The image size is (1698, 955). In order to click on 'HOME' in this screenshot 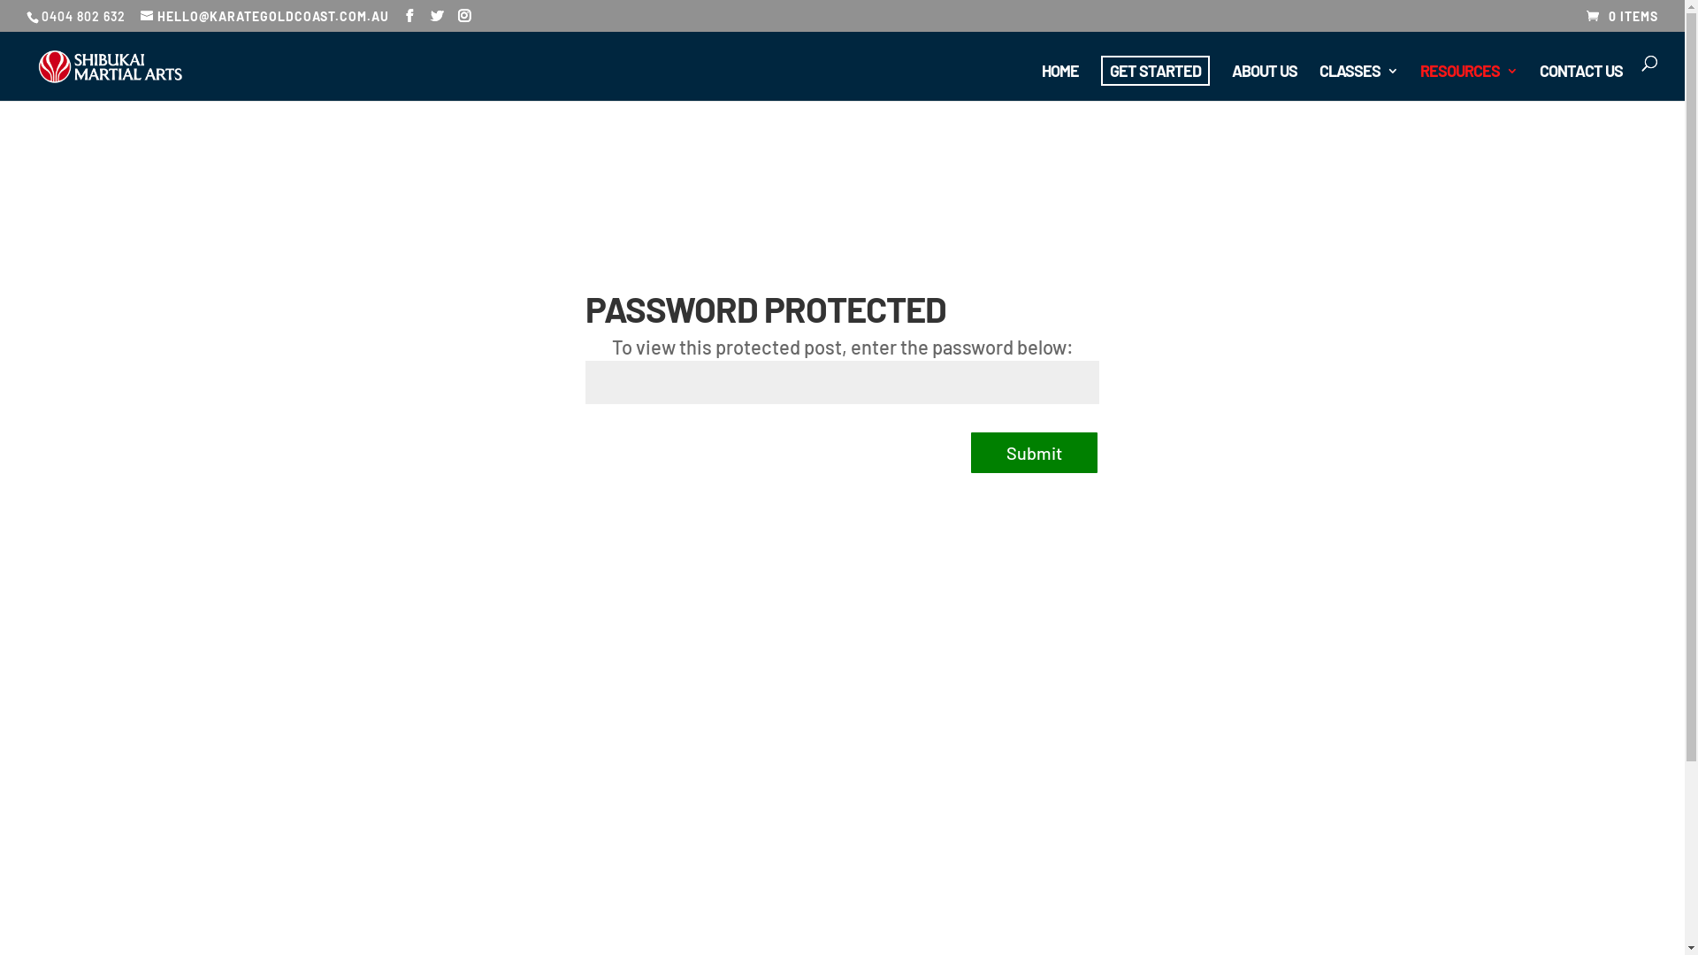, I will do `click(1060, 82)`.